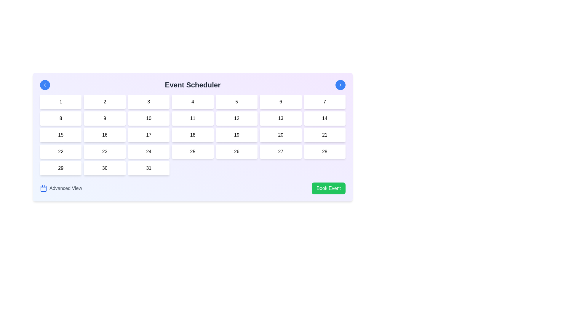 This screenshot has width=569, height=320. Describe the element at coordinates (324, 135) in the screenshot. I see `the button labeled '21' which is styled with a white background and rounded corners, positioned in the fifth row and last column of a 7-column grid layout` at that location.